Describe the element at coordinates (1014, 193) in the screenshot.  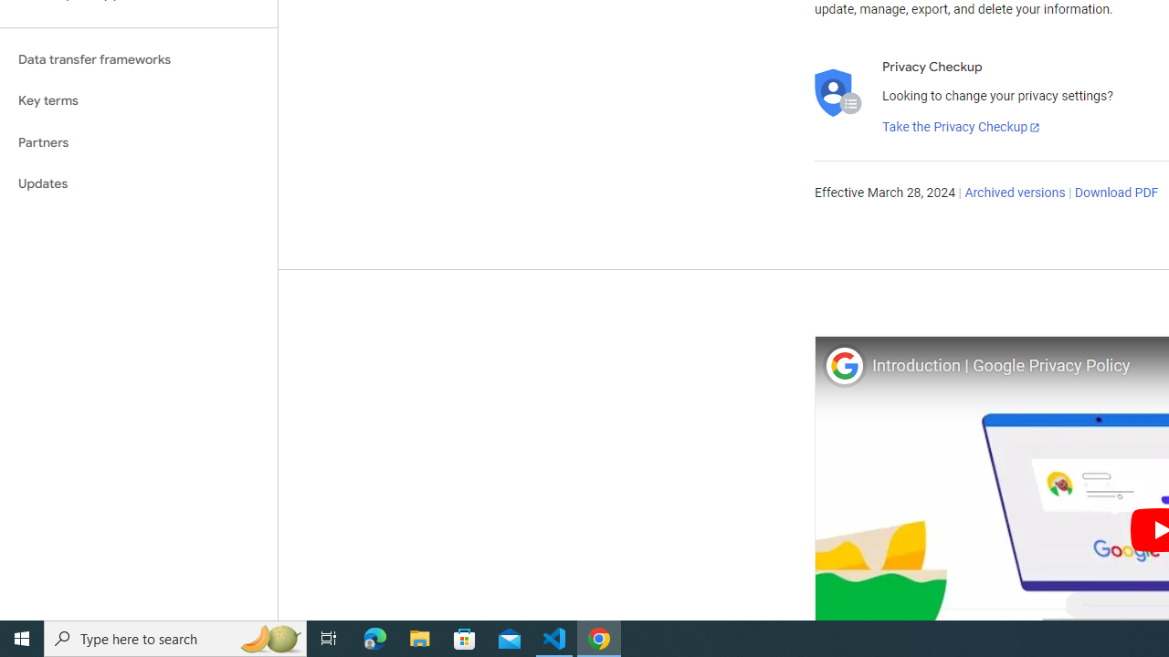
I see `'Archived versions'` at that location.